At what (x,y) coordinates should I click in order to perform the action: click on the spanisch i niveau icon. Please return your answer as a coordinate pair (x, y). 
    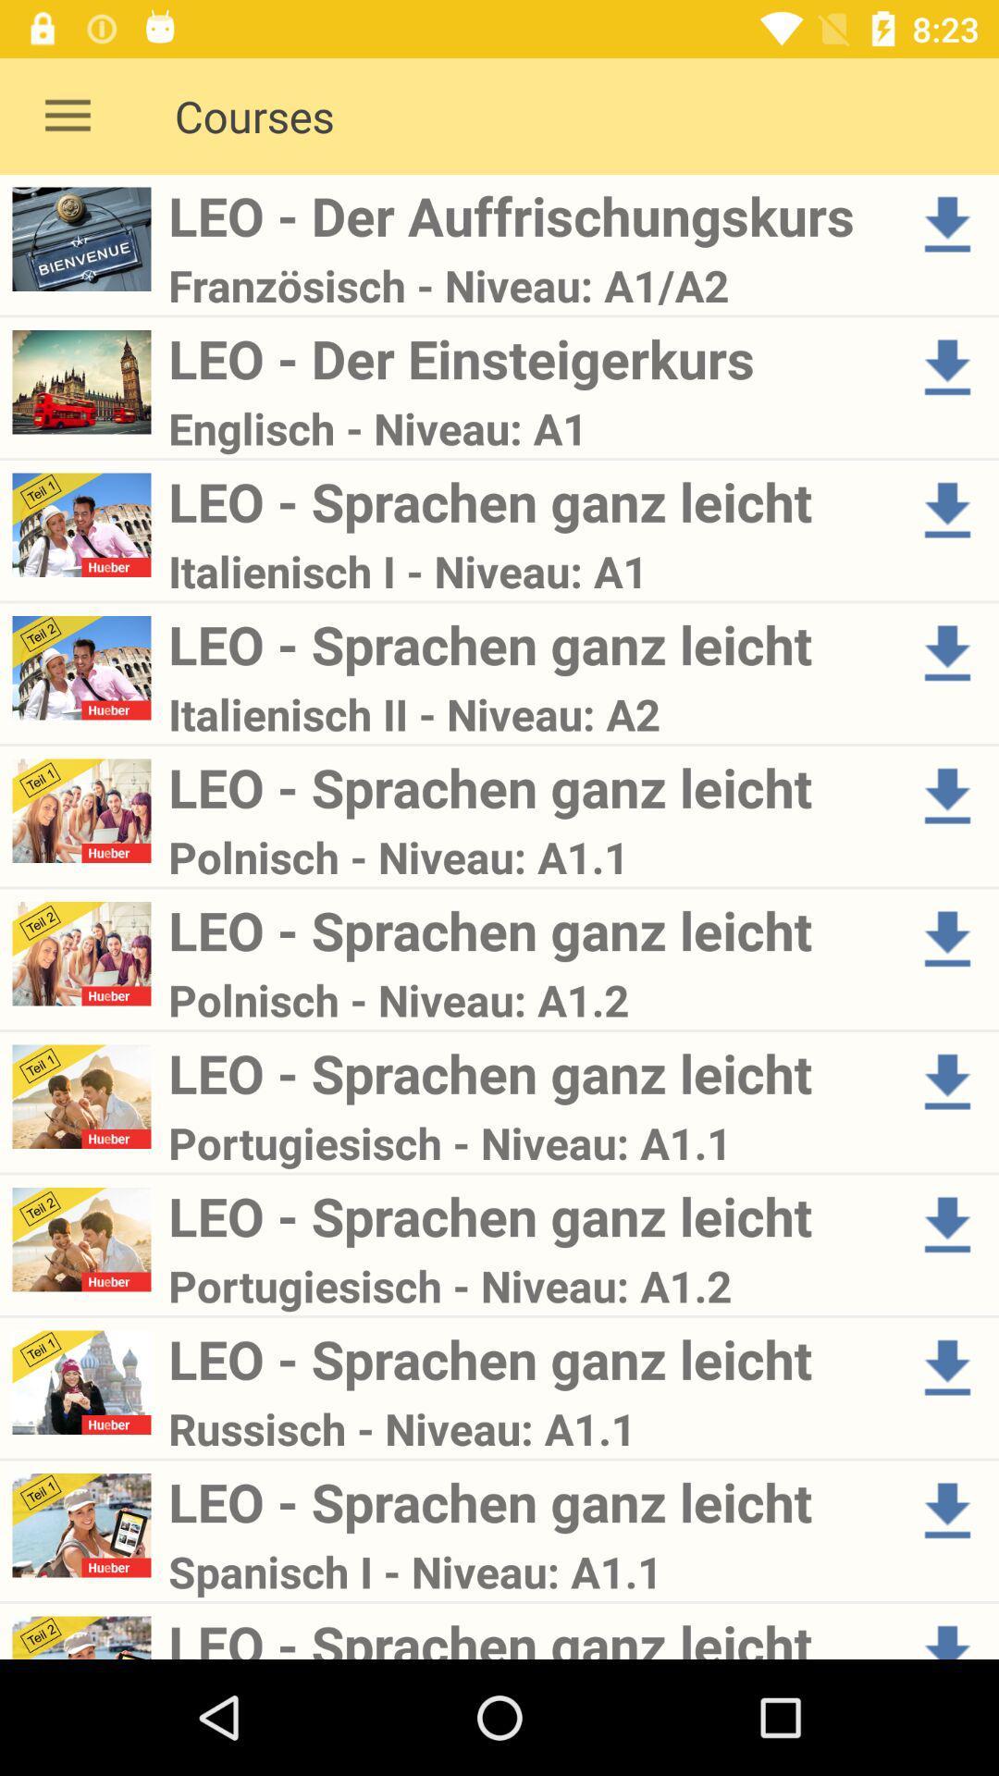
    Looking at the image, I should click on (530, 1571).